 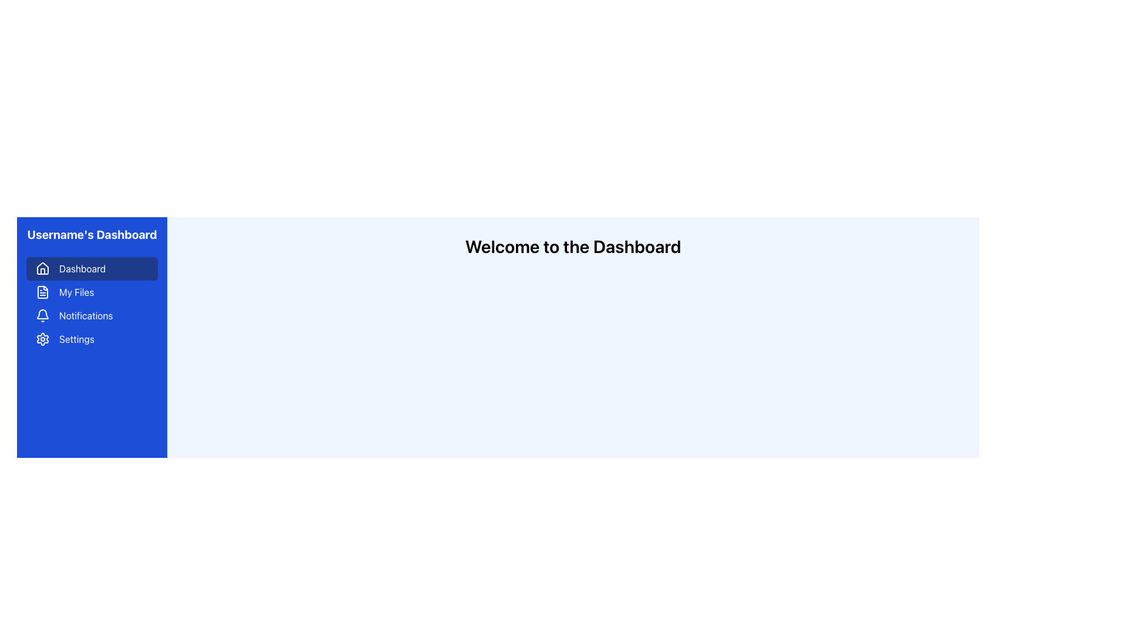 I want to click on the house-shaped icon on the left side of the 'Dashboard' button, so click(x=42, y=269).